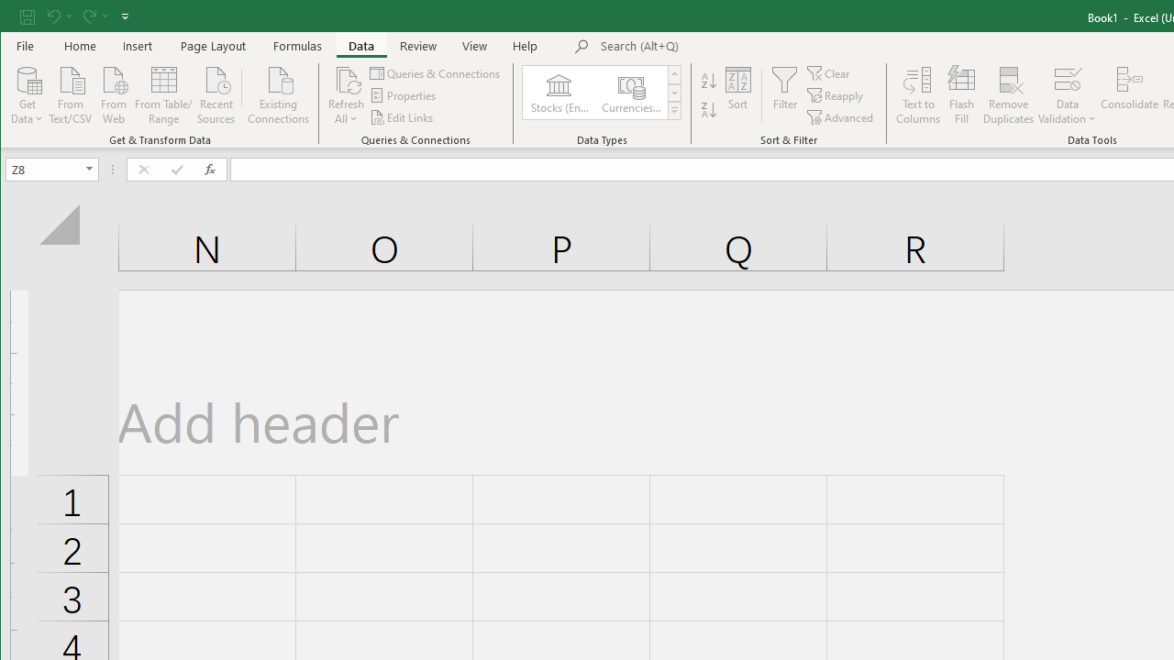  Describe the element at coordinates (70, 93) in the screenshot. I see `'From Text/CSV'` at that location.